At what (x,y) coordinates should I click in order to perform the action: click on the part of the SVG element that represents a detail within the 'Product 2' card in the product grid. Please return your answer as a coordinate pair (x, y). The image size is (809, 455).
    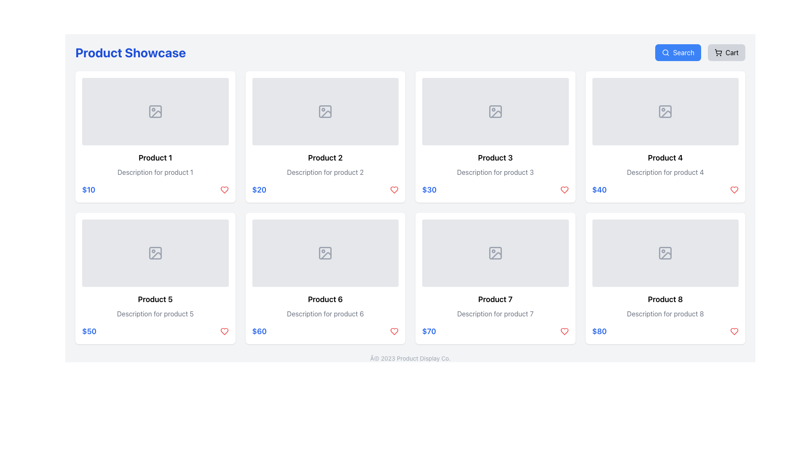
    Looking at the image, I should click on (326, 114).